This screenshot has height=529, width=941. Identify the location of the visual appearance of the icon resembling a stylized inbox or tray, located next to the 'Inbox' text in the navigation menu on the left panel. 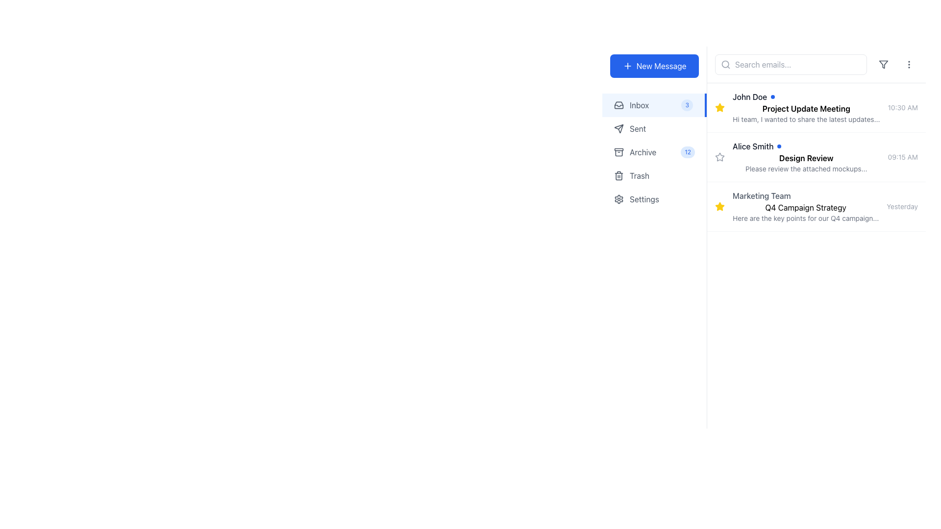
(618, 105).